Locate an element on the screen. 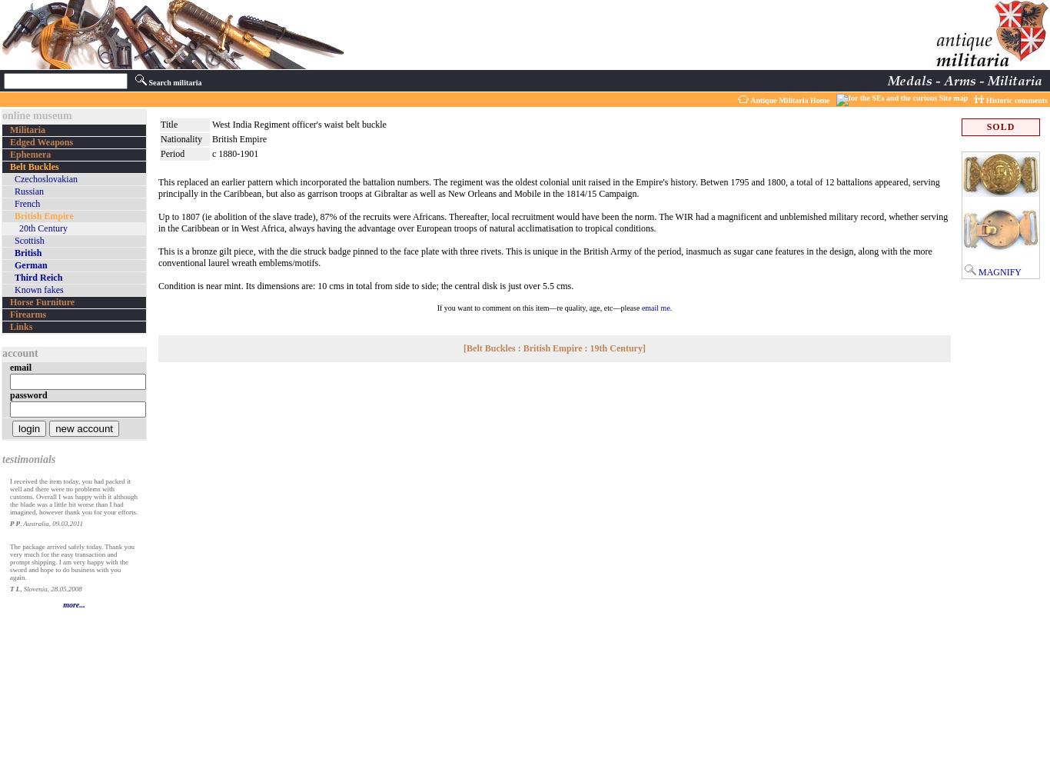  'I received the item today, you had packed it well and there were no problems with customs. Overall I was happy with it although the blade was a little bit worse than I had imagined, however thank you for your efforts.' is located at coordinates (74, 497).